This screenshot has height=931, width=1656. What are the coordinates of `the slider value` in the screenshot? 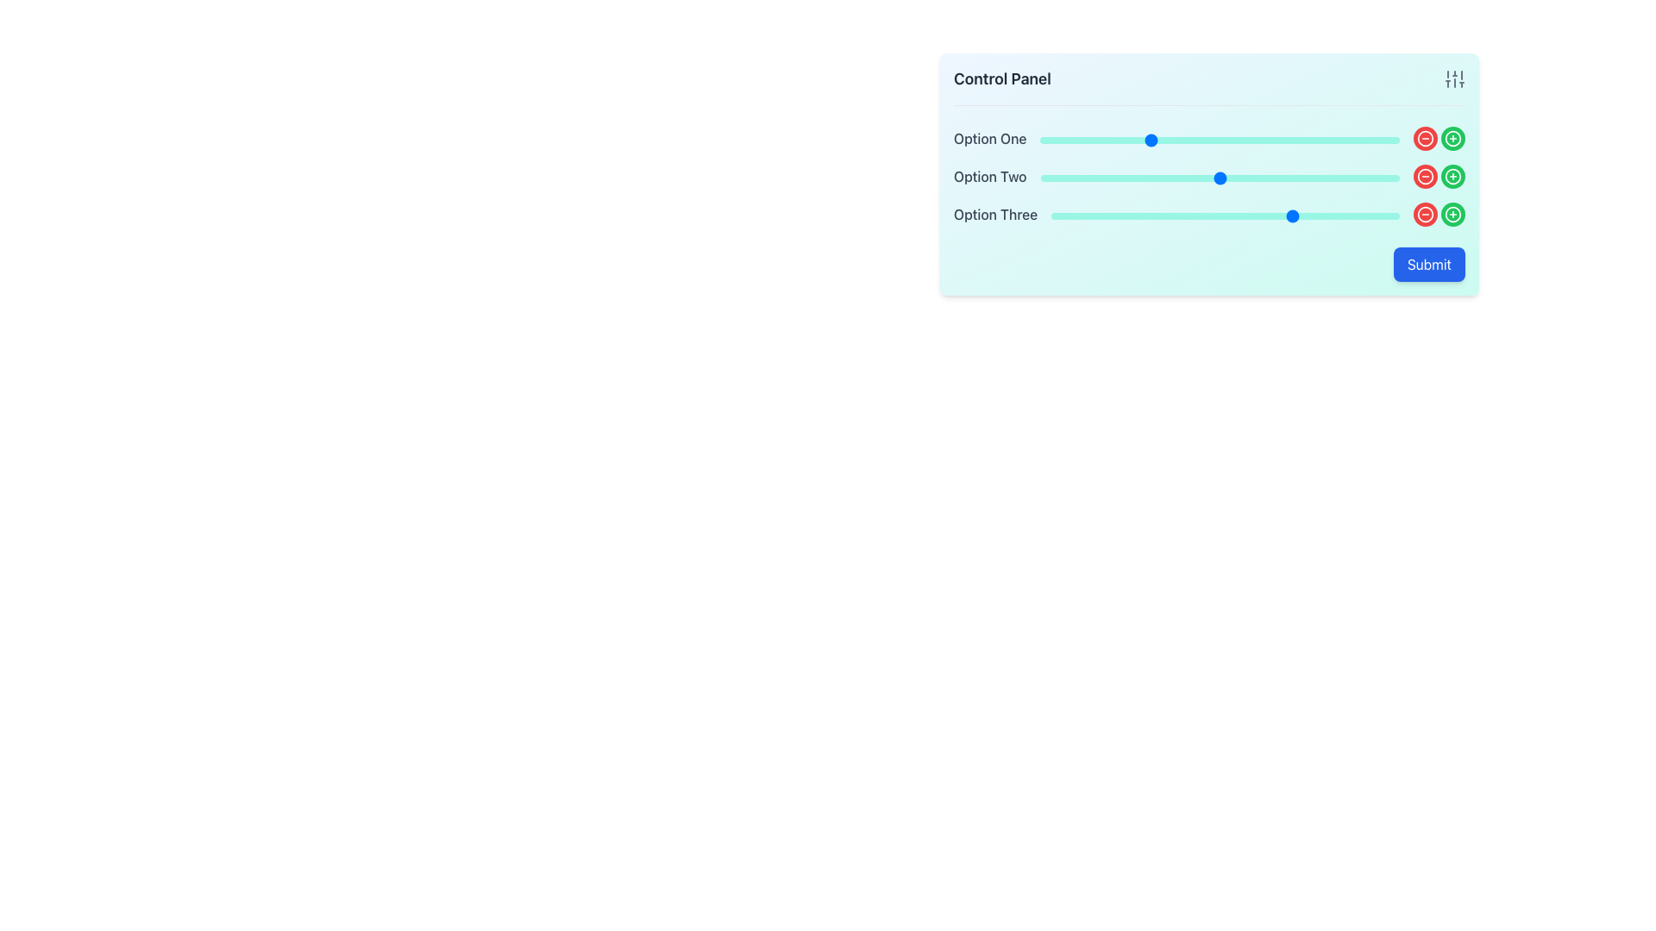 It's located at (1364, 215).